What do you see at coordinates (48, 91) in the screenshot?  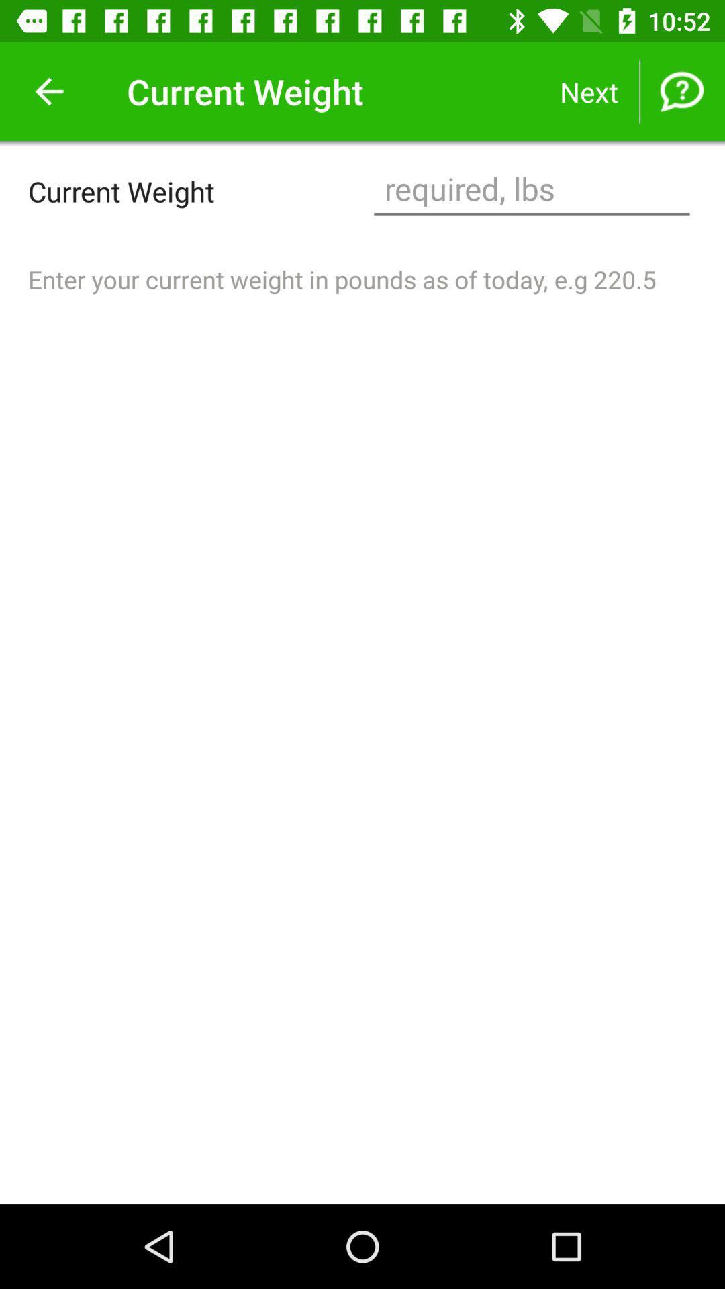 I see `the icon next to the current weight item` at bounding box center [48, 91].